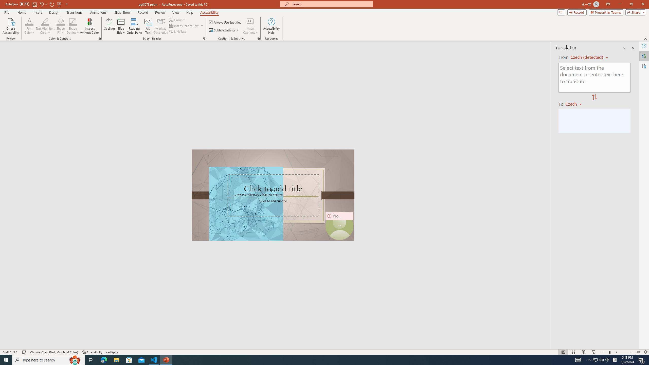  Describe the element at coordinates (271, 191) in the screenshot. I see `'TextBox 7'` at that location.